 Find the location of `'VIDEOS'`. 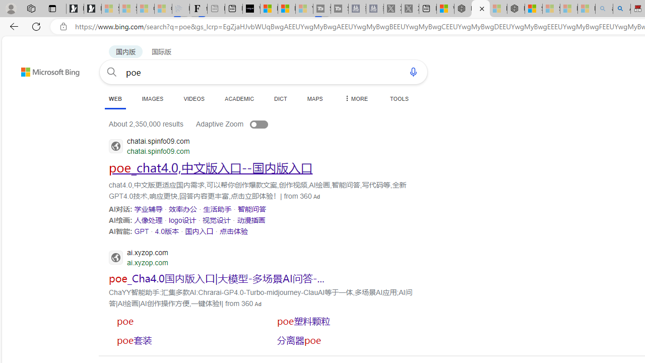

'VIDEOS' is located at coordinates (194, 98).